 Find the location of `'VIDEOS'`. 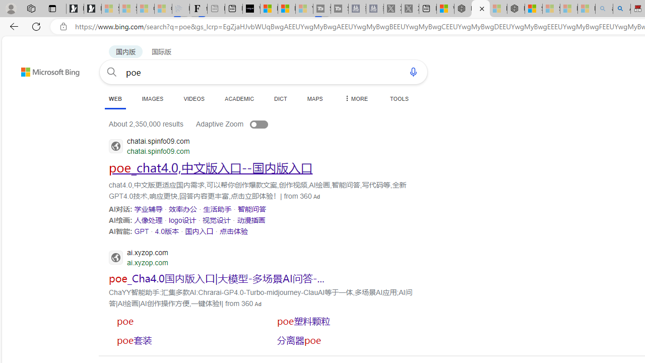

'VIDEOS' is located at coordinates (194, 98).